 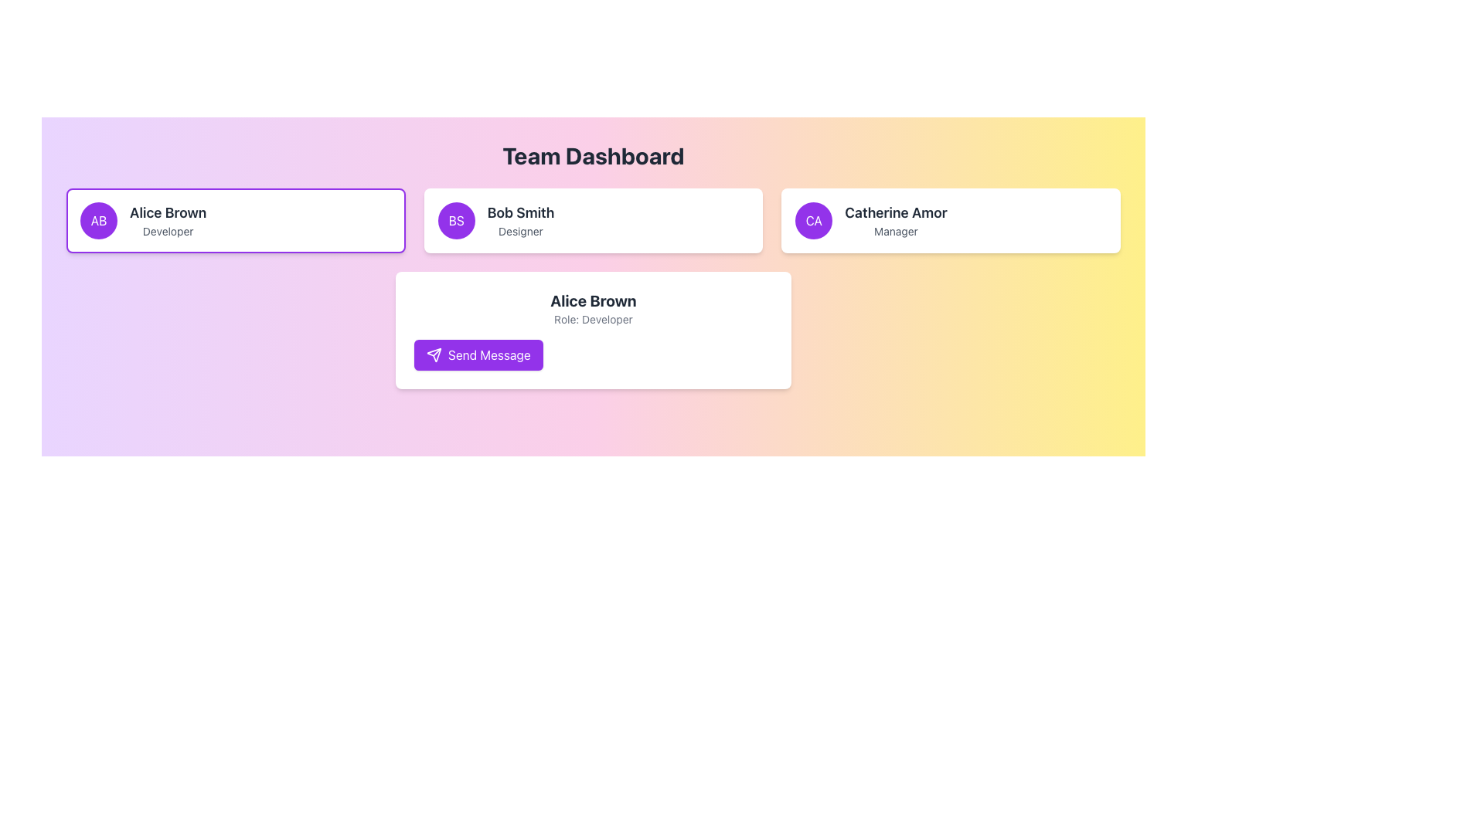 What do you see at coordinates (168, 213) in the screenshot?
I see `the Text Label displaying 'Alice Brown', which identifies the team member in the team card, located in the top-left section of the interface` at bounding box center [168, 213].